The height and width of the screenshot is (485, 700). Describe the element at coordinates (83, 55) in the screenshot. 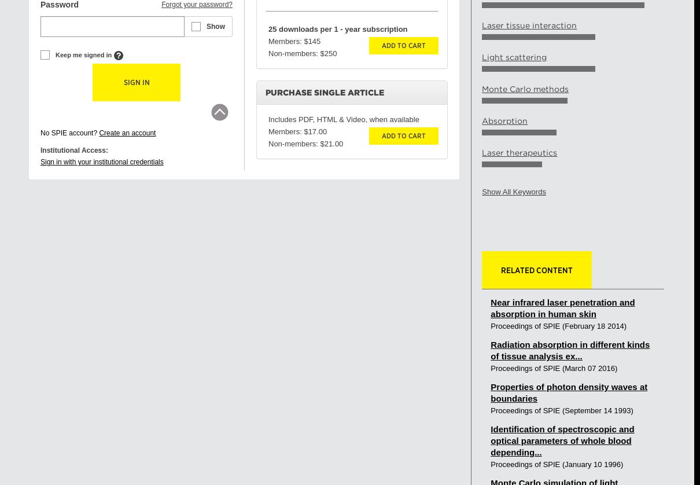

I see `'Keep me signed in'` at that location.